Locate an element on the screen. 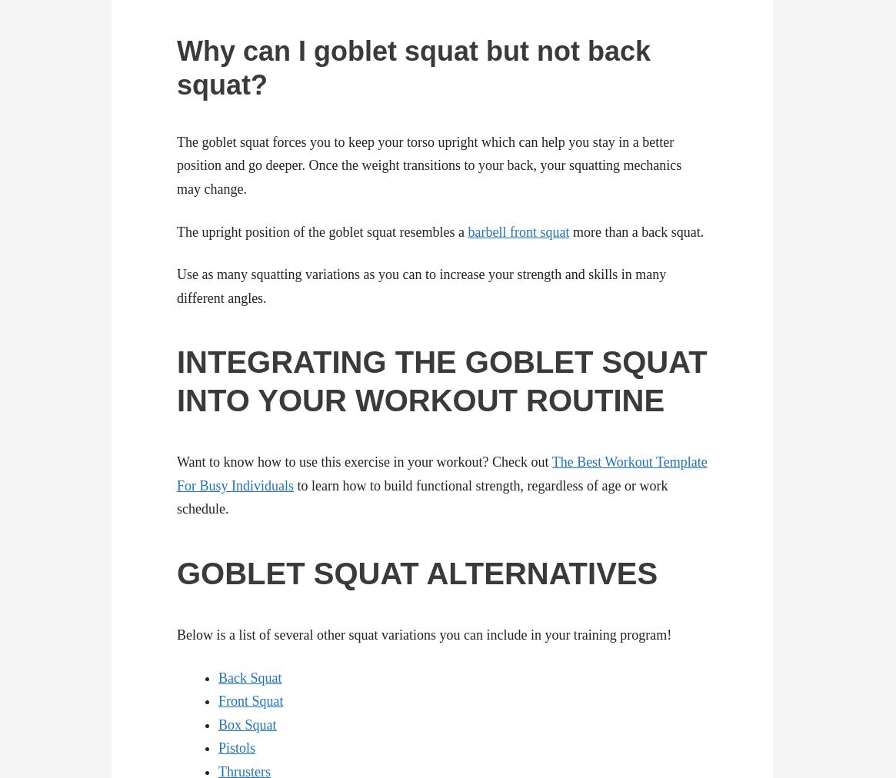 The width and height of the screenshot is (896, 778). 'Want to know how to use this exercise in your workout? Check out' is located at coordinates (364, 461).